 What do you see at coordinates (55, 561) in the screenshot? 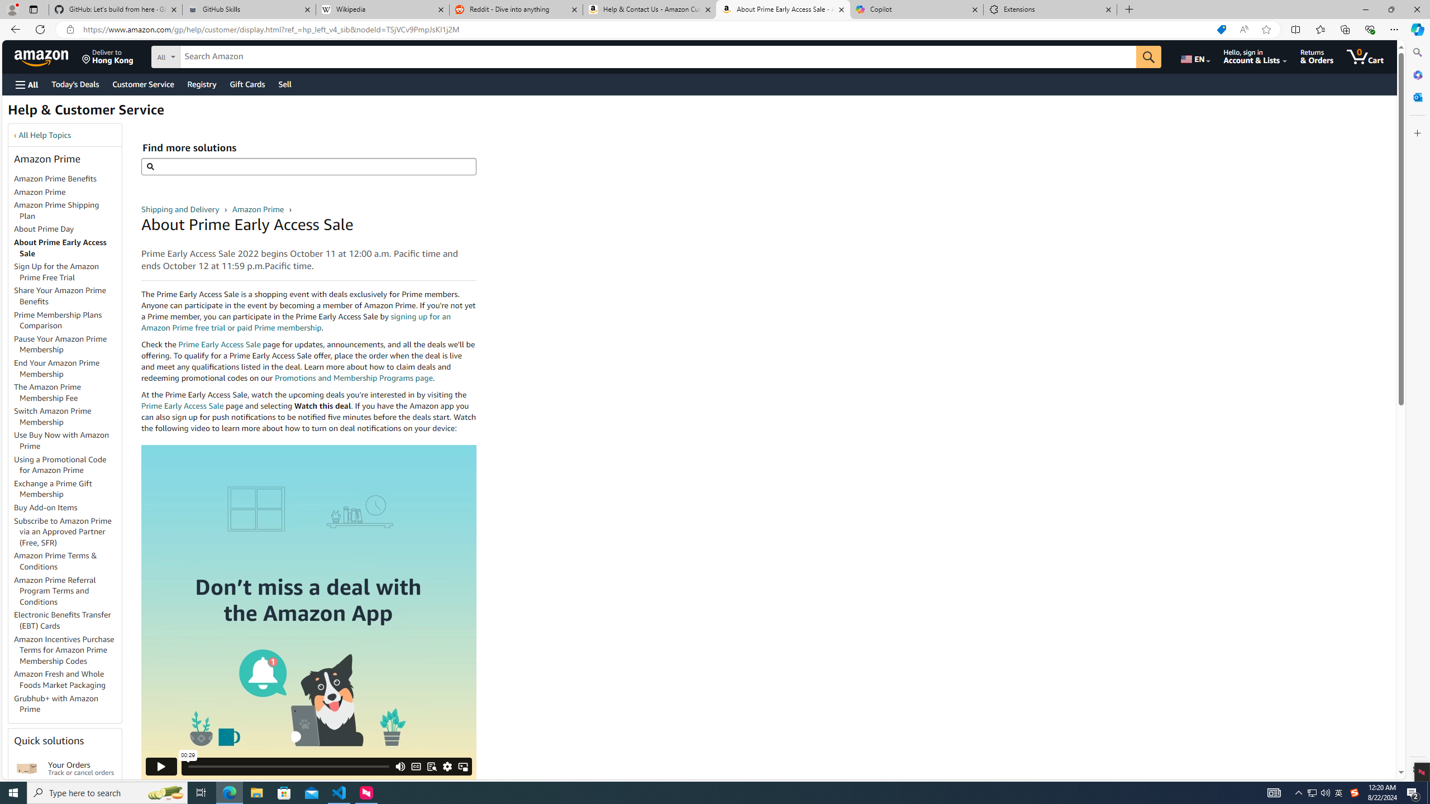
I see `'Amazon Prime Terms & Conditions'` at bounding box center [55, 561].